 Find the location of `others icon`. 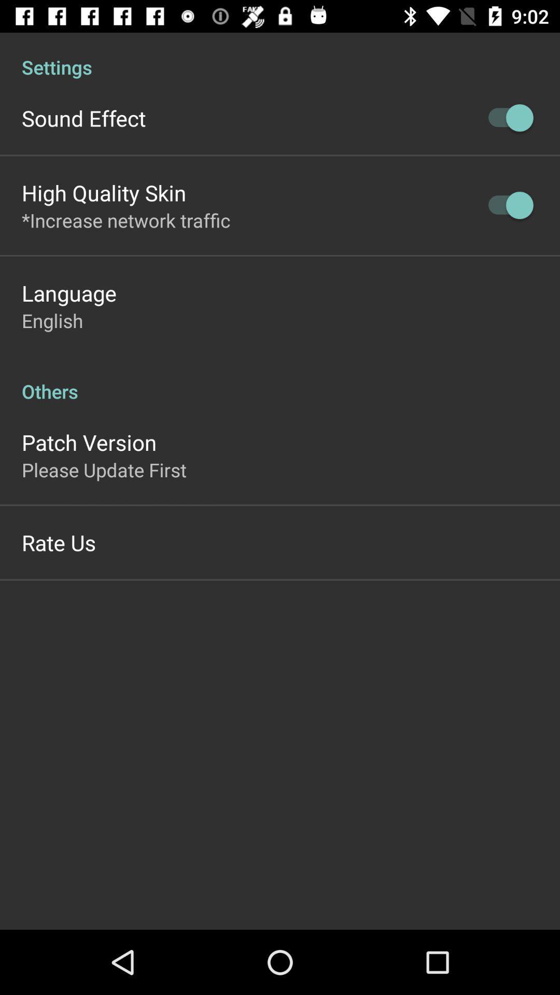

others icon is located at coordinates (280, 380).